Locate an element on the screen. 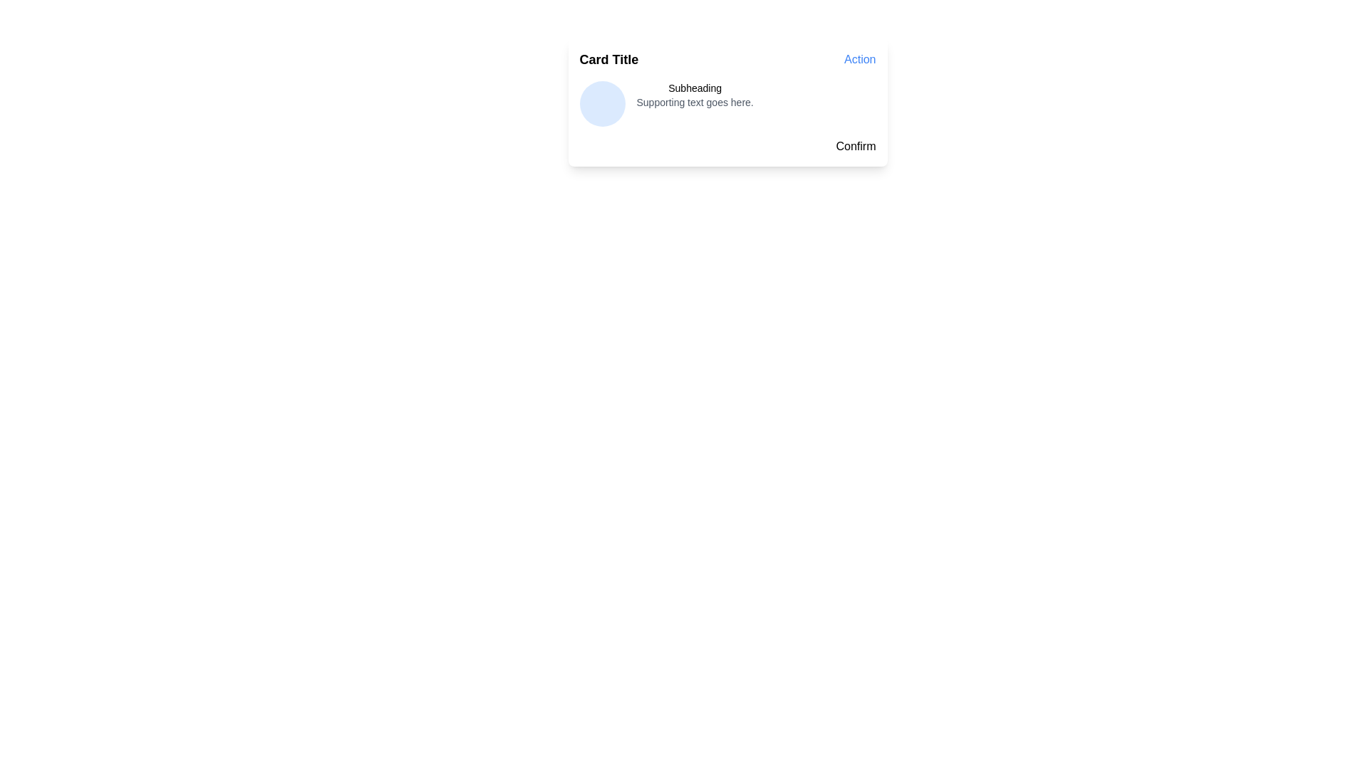  the button or link located in the top-right section of the card component titled 'Card Title' is located at coordinates (859, 59).